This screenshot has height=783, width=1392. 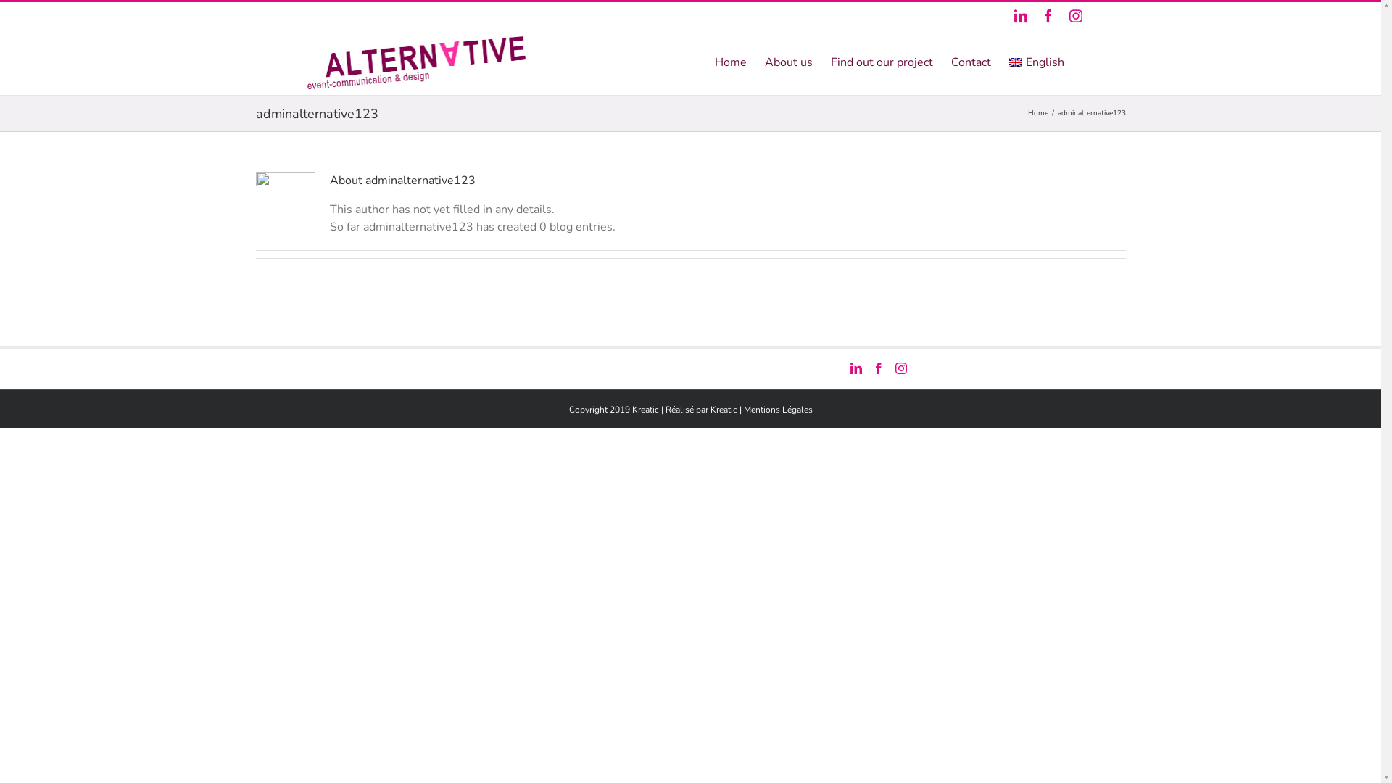 What do you see at coordinates (971, 60) in the screenshot?
I see `'Contact'` at bounding box center [971, 60].